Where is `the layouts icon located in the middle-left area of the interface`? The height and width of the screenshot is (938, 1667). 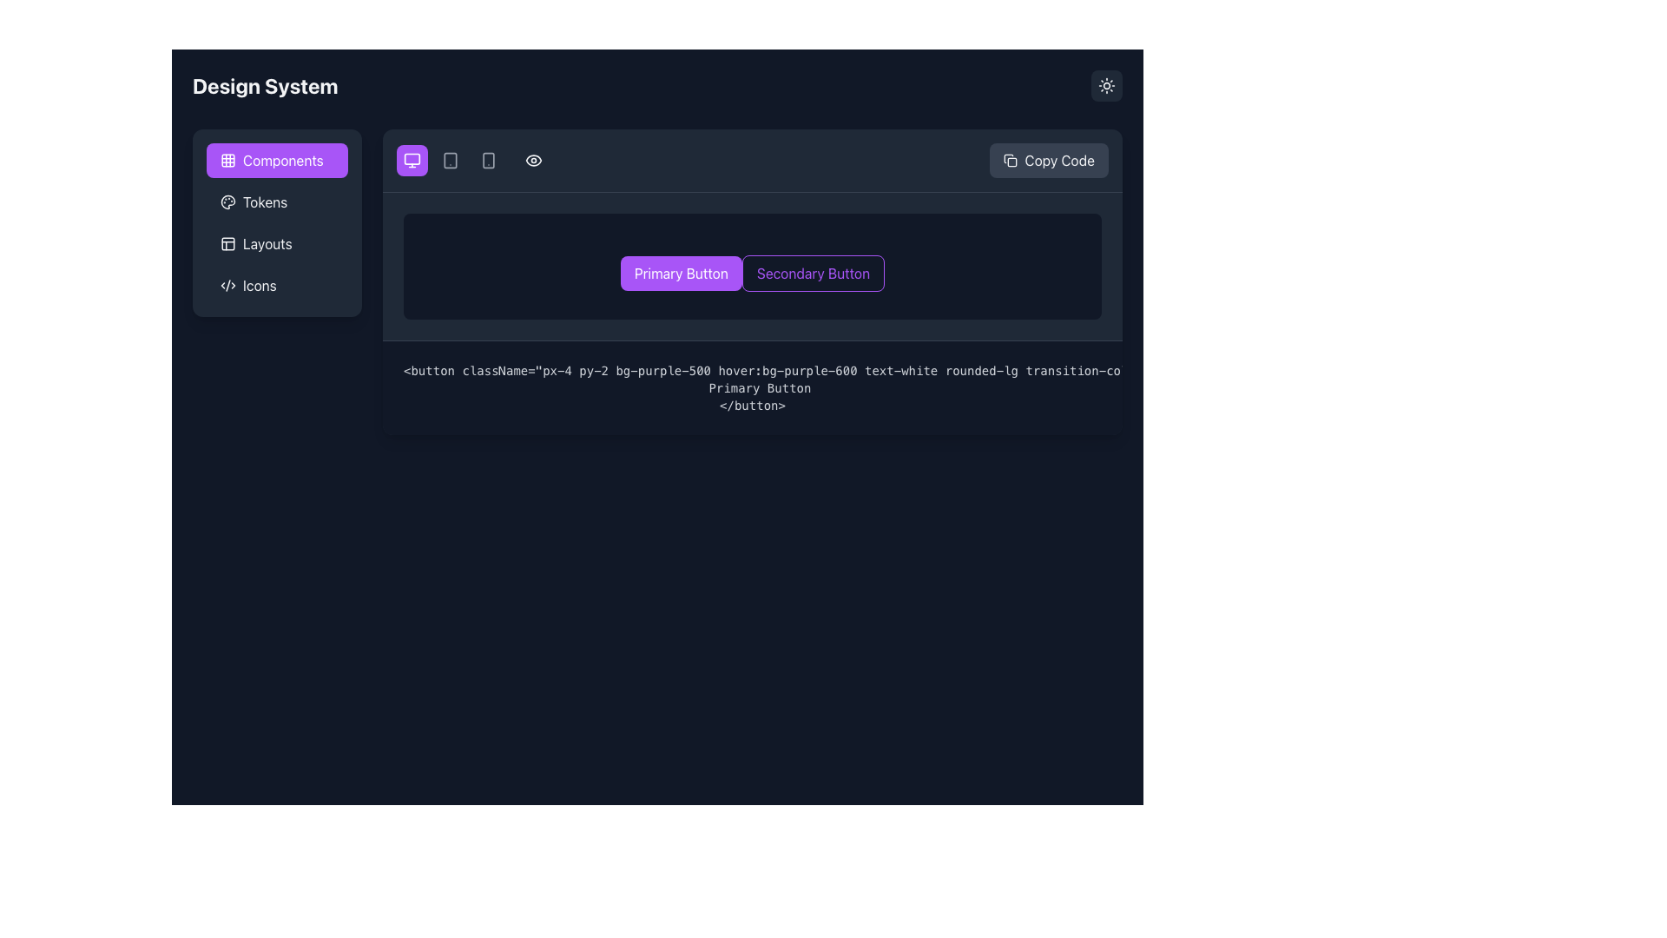
the layouts icon located in the middle-left area of the interface is located at coordinates (227, 244).